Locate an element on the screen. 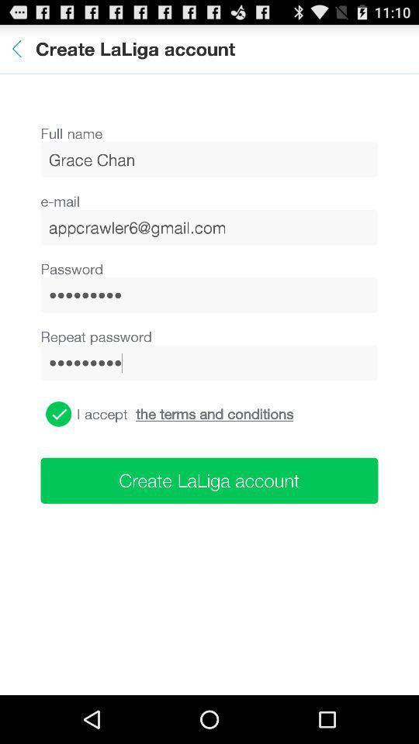  appcrawler6@gmail.com is located at coordinates (209, 226).